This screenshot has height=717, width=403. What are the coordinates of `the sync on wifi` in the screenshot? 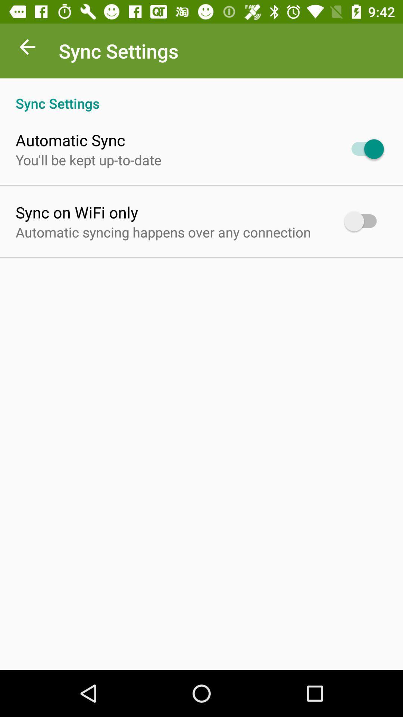 It's located at (77, 212).